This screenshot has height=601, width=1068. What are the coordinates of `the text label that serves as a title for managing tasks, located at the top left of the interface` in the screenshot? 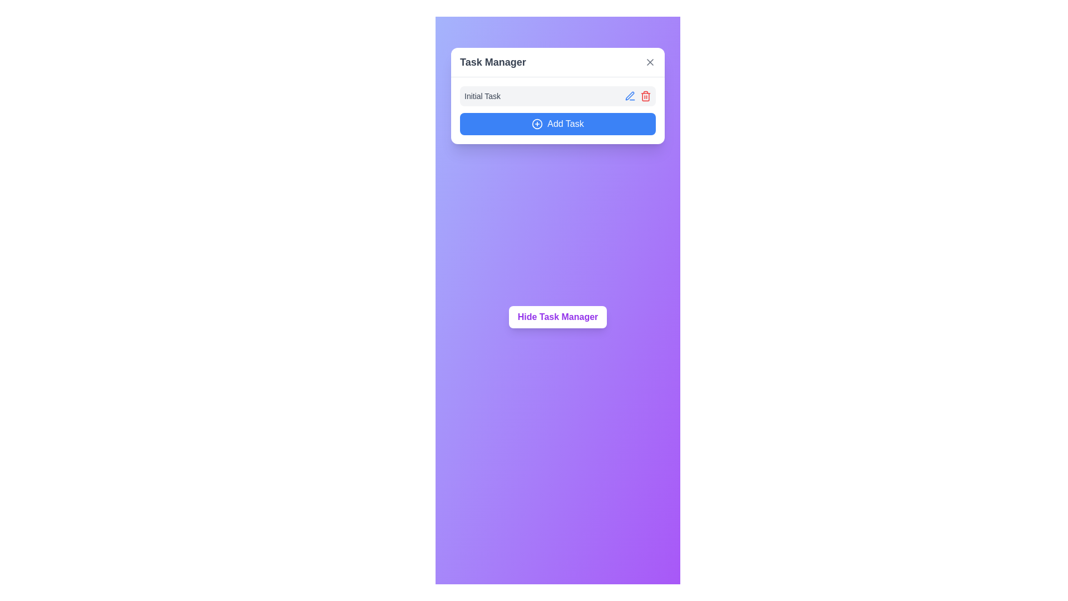 It's located at (492, 62).